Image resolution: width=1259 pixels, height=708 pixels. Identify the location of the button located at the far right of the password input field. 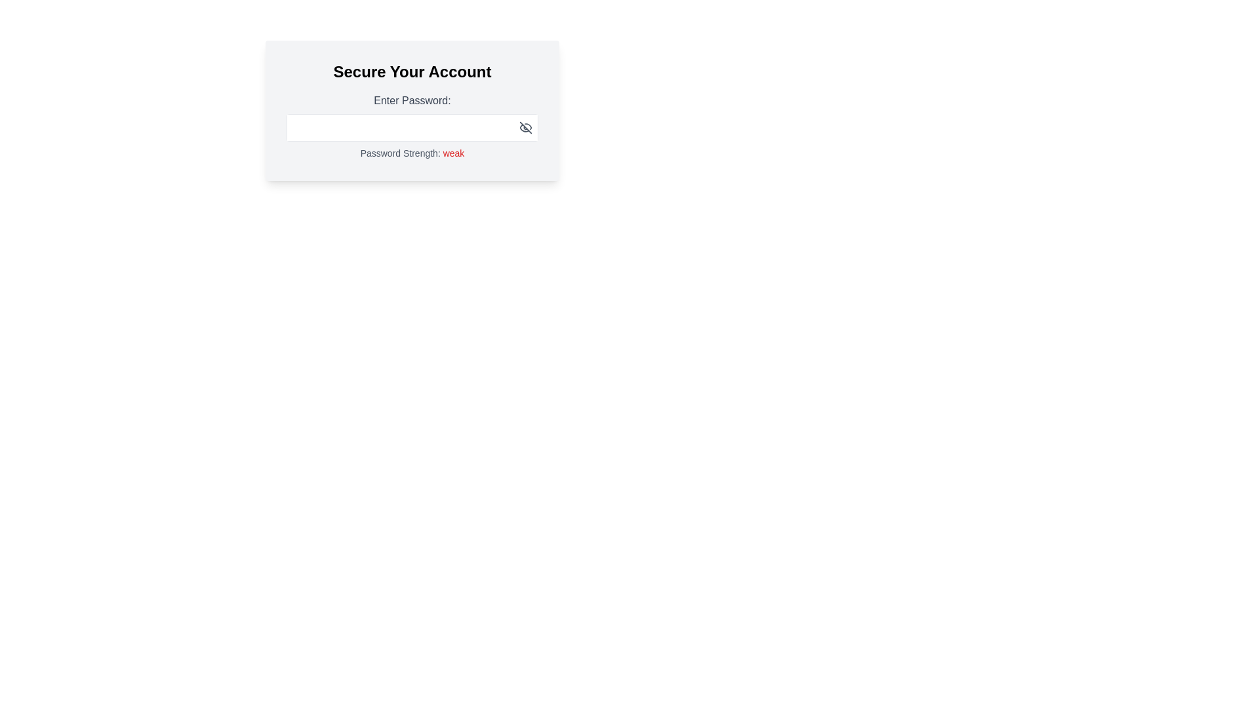
(525, 128).